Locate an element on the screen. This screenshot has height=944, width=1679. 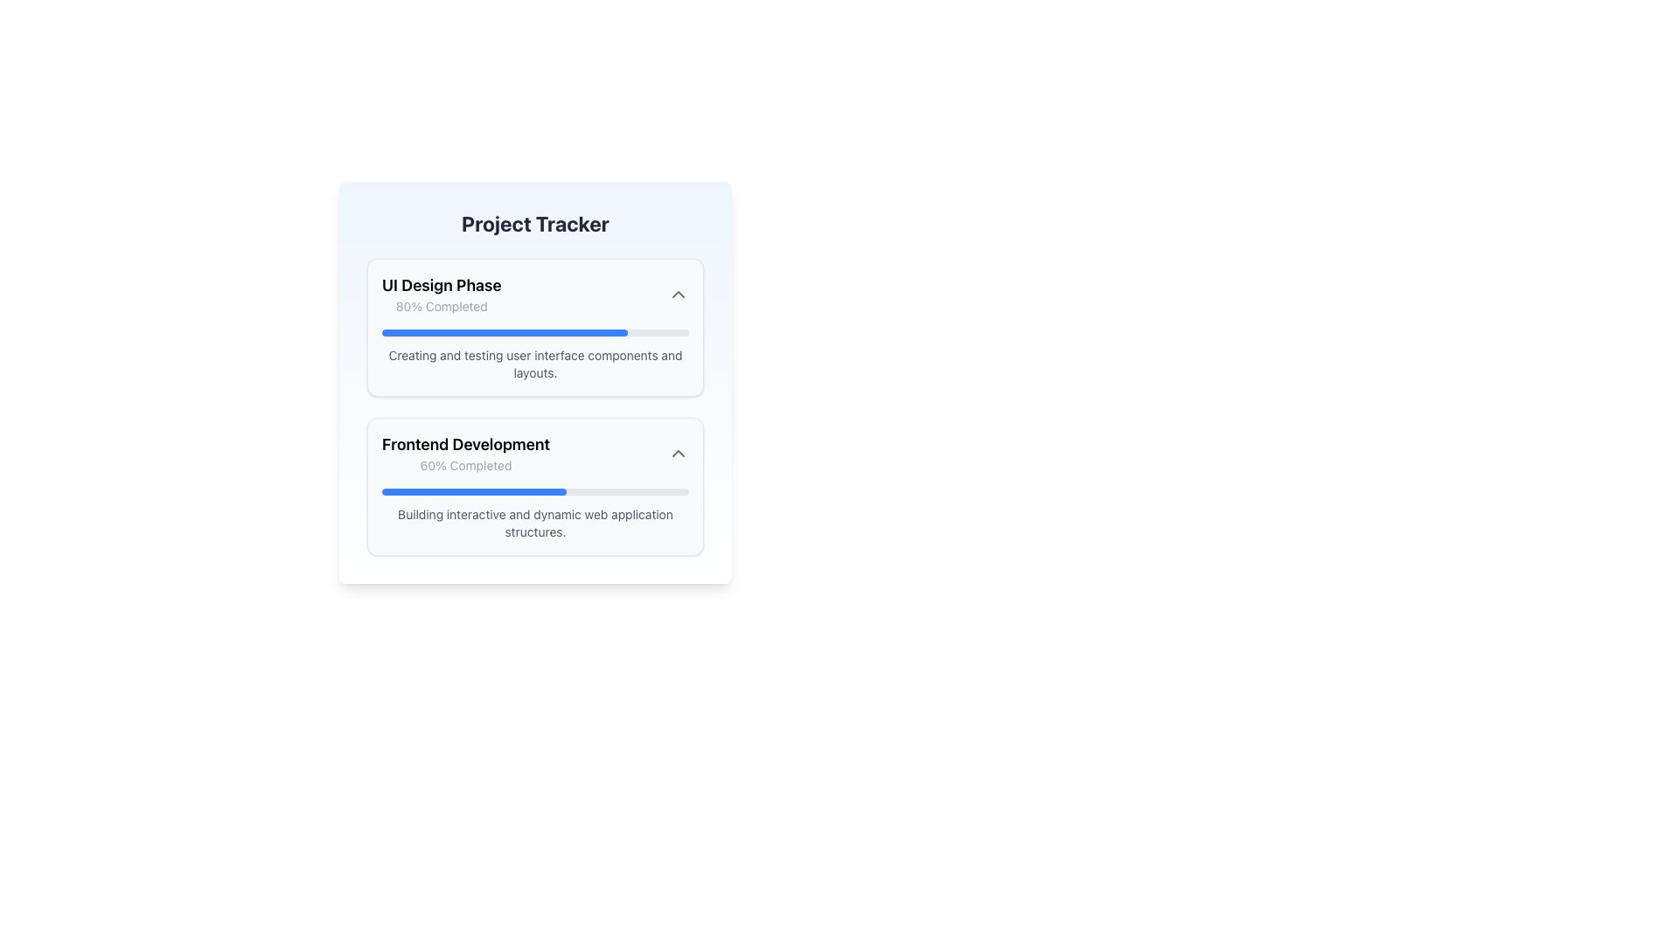
the text label displaying 'Building interactive and dynamic web application structures' located in the 'Frontend Development' section of the 'Project Tracker' interface, positioned below the progress bar indicating 60% completion is located at coordinates (534, 514).